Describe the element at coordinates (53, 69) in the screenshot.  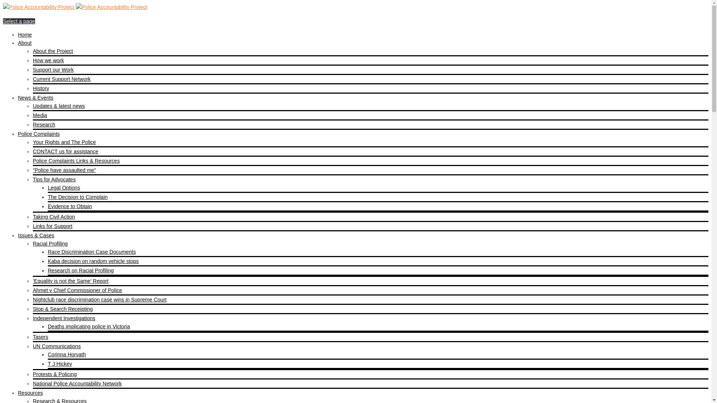
I see `'Support our Work'` at that location.